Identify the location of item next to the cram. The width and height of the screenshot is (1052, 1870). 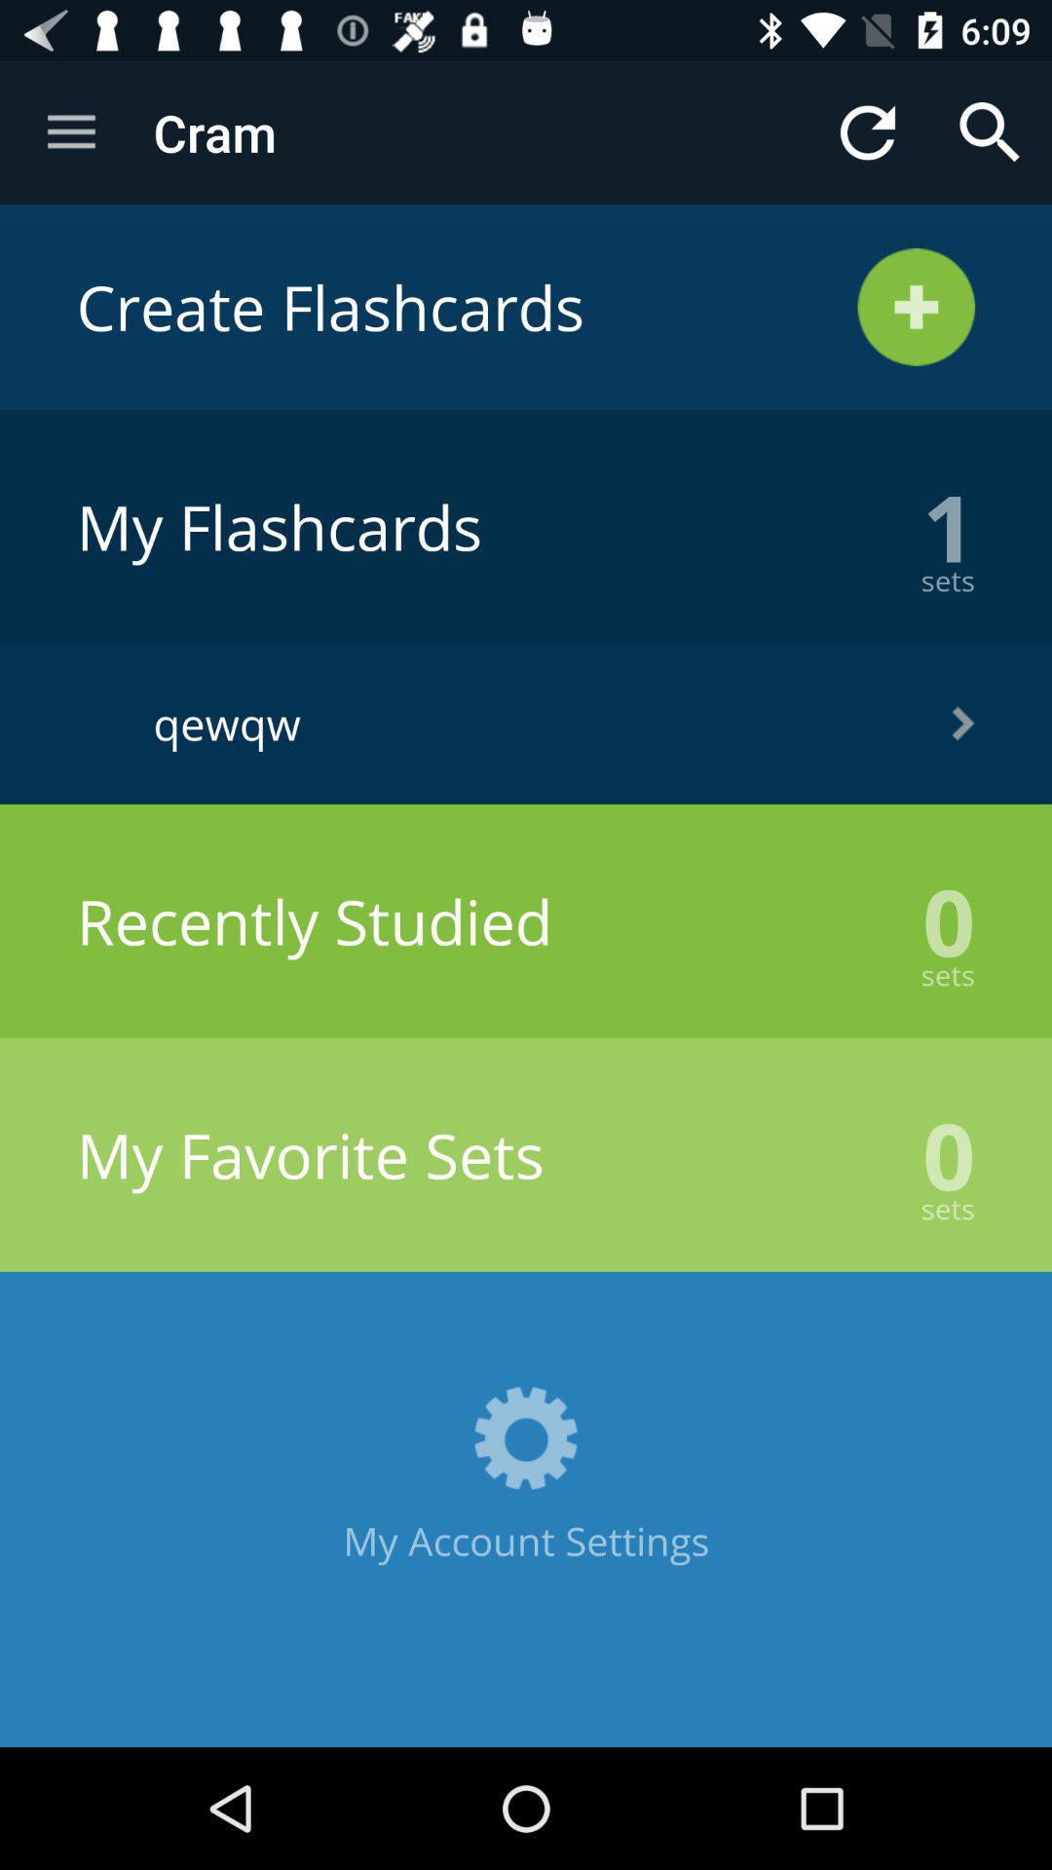
(867, 131).